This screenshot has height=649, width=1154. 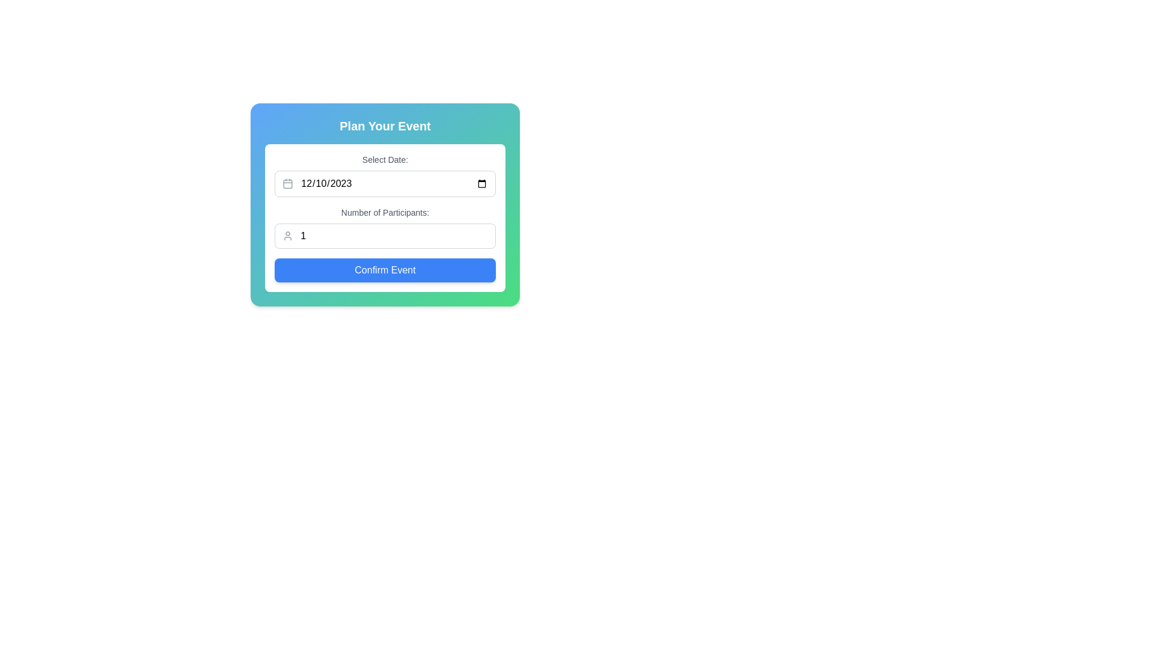 I want to click on the central rectangle of the calendar icon located to the left of the 'Select Date:' text field, so click(x=287, y=184).